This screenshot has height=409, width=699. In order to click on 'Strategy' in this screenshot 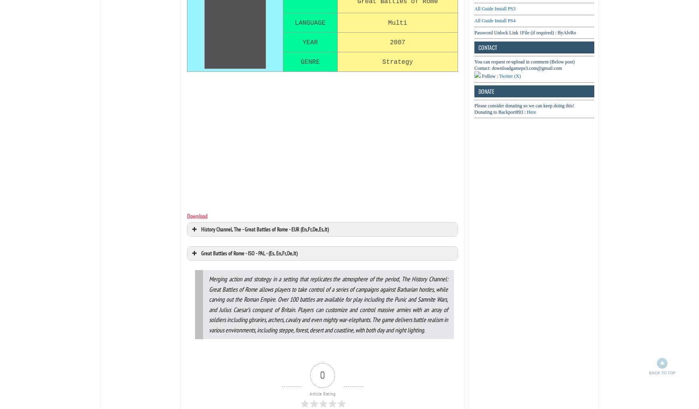, I will do `click(397, 61)`.